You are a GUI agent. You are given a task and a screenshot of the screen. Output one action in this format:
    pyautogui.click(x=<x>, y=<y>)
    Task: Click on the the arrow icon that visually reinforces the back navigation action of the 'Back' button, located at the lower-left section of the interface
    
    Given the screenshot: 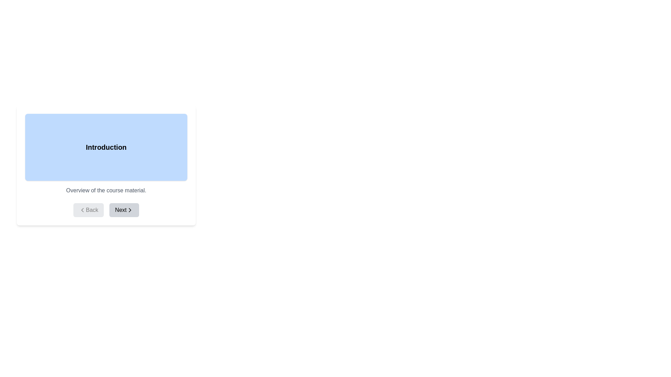 What is the action you would take?
    pyautogui.click(x=82, y=209)
    